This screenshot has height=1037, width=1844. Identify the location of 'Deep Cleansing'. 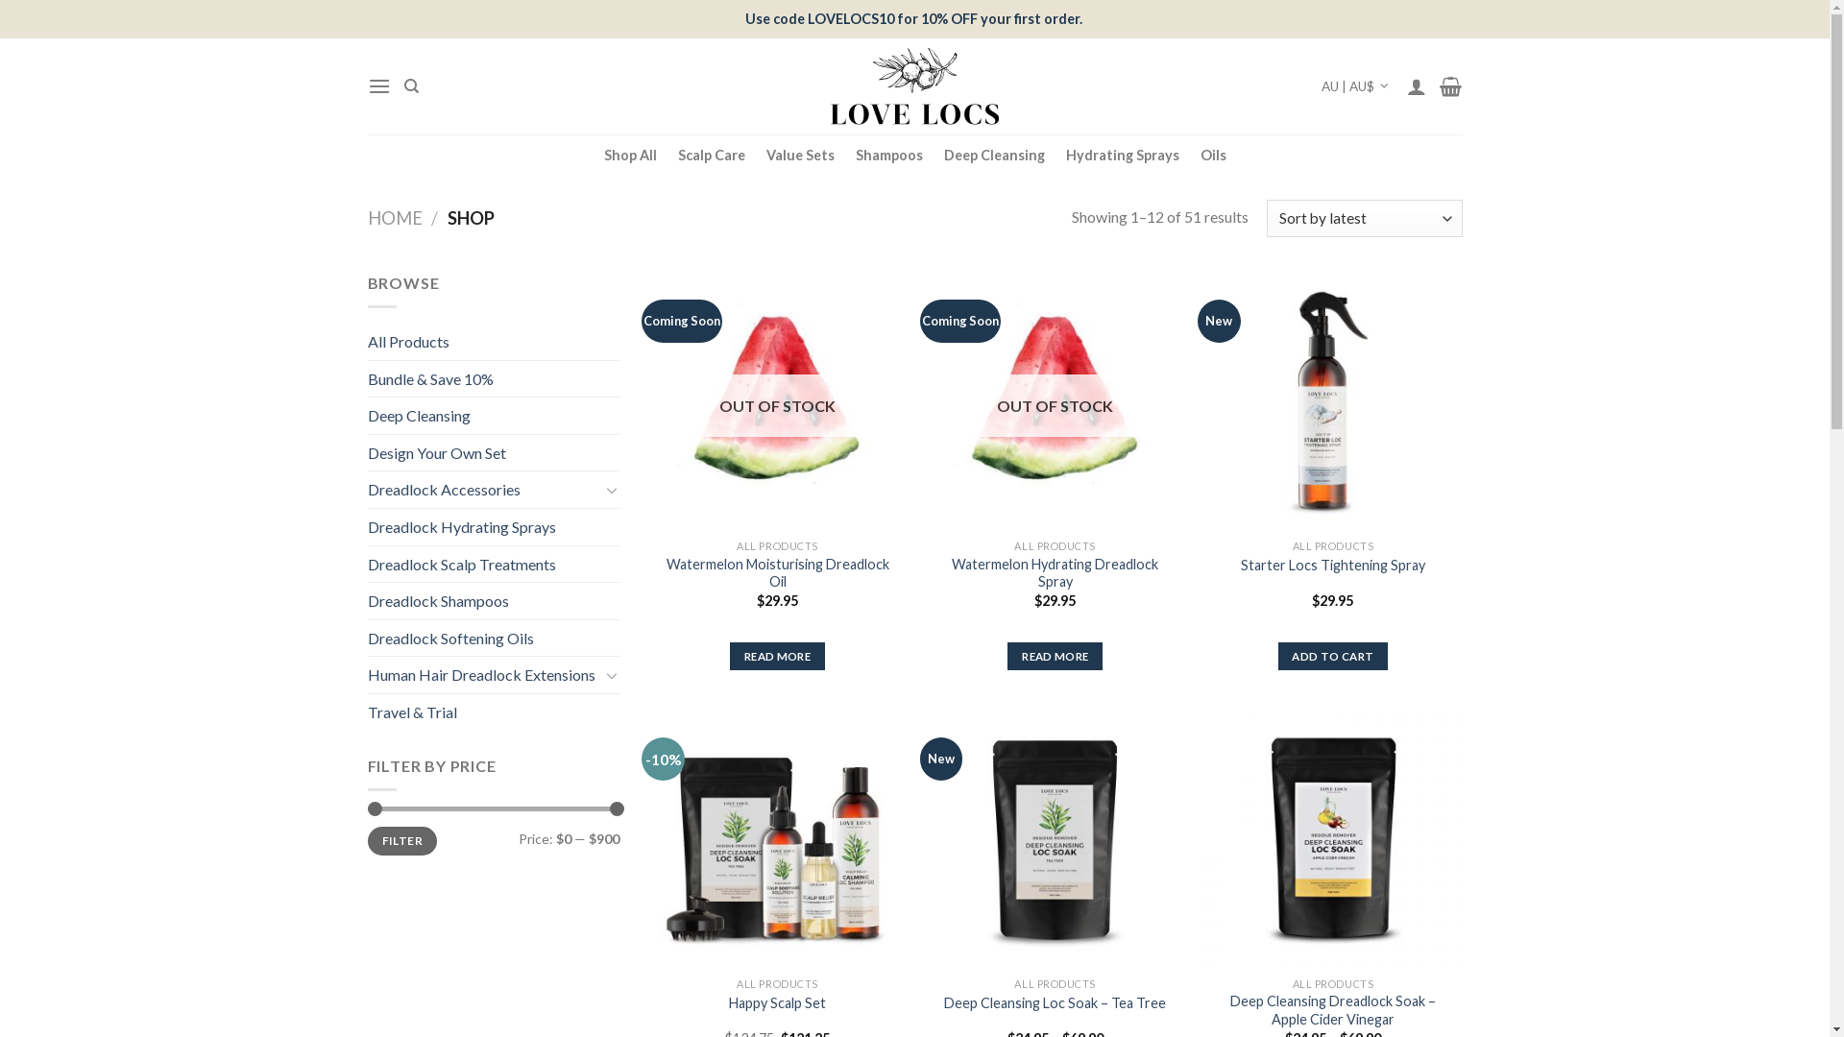
(993, 154).